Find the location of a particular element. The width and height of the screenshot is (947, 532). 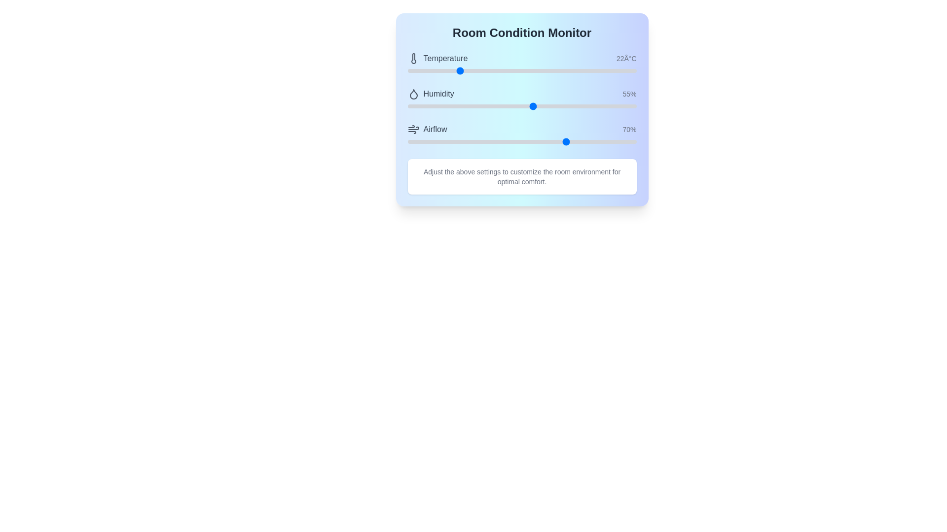

the decorative thermometer-shaped icon, which is gray-colored and located to the left of the 'Temperature' label in the interface is located at coordinates (413, 59).